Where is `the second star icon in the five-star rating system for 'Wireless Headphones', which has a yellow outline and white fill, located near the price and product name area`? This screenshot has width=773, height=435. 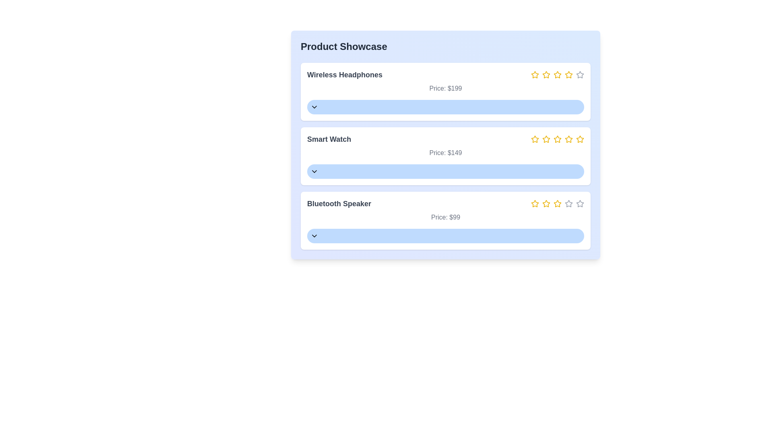
the second star icon in the five-star rating system for 'Wireless Headphones', which has a yellow outline and white fill, located near the price and product name area is located at coordinates (546, 75).